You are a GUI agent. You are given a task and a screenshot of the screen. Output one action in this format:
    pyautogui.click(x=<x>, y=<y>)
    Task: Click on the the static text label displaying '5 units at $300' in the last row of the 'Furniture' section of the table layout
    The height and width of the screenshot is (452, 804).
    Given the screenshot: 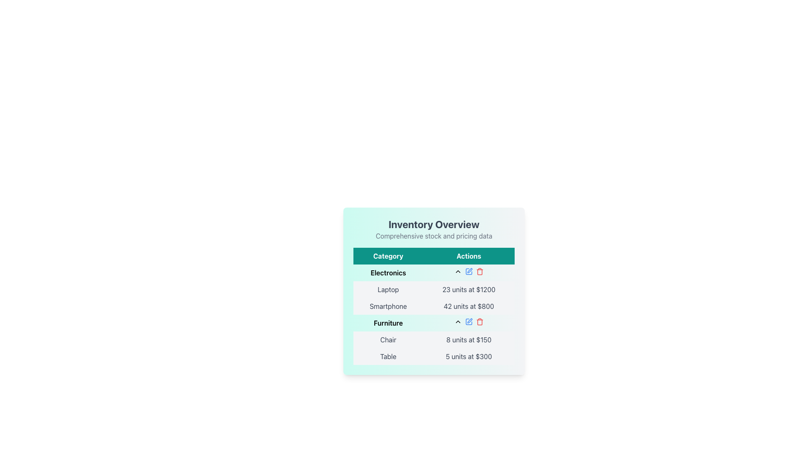 What is the action you would take?
    pyautogui.click(x=468, y=357)
    